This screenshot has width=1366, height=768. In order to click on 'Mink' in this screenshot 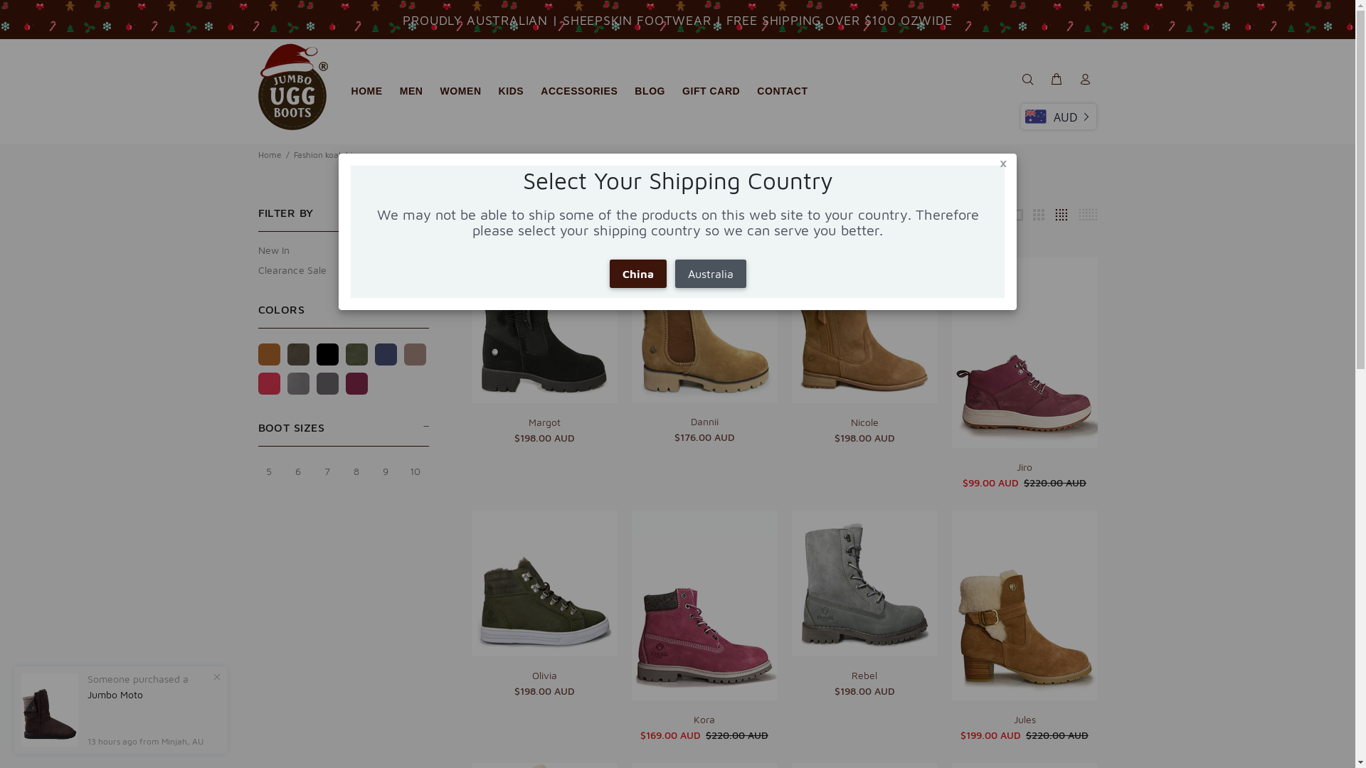, I will do `click(414, 353)`.